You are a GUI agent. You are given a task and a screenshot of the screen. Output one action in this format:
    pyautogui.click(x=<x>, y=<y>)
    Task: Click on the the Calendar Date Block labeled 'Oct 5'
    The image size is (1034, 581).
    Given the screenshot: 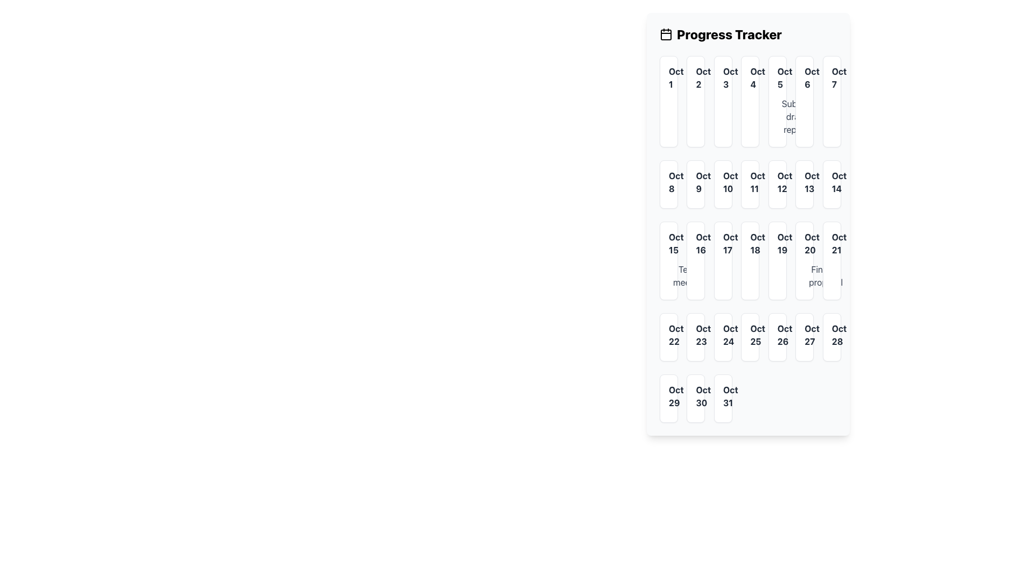 What is the action you would take?
    pyautogui.click(x=777, y=102)
    